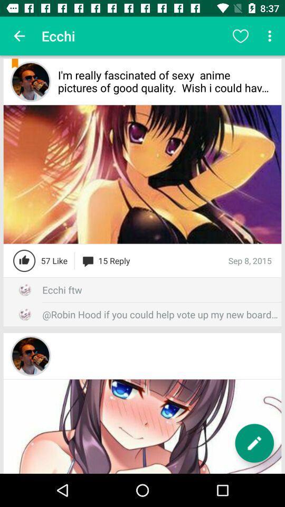 This screenshot has height=507, width=285. Describe the element at coordinates (19, 36) in the screenshot. I see `item to the left of the ecchi  item` at that location.